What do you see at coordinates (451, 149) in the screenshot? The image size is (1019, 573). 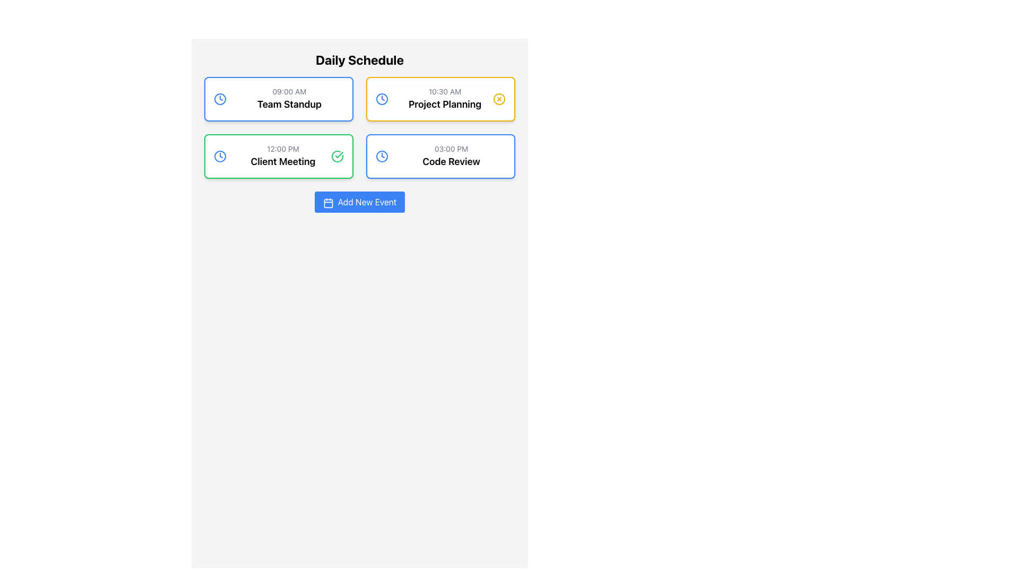 I see `time displayed in the text label showing '03:00 PM' located above the 'Code Review' text in the bottom-right segment of the interface` at bounding box center [451, 149].